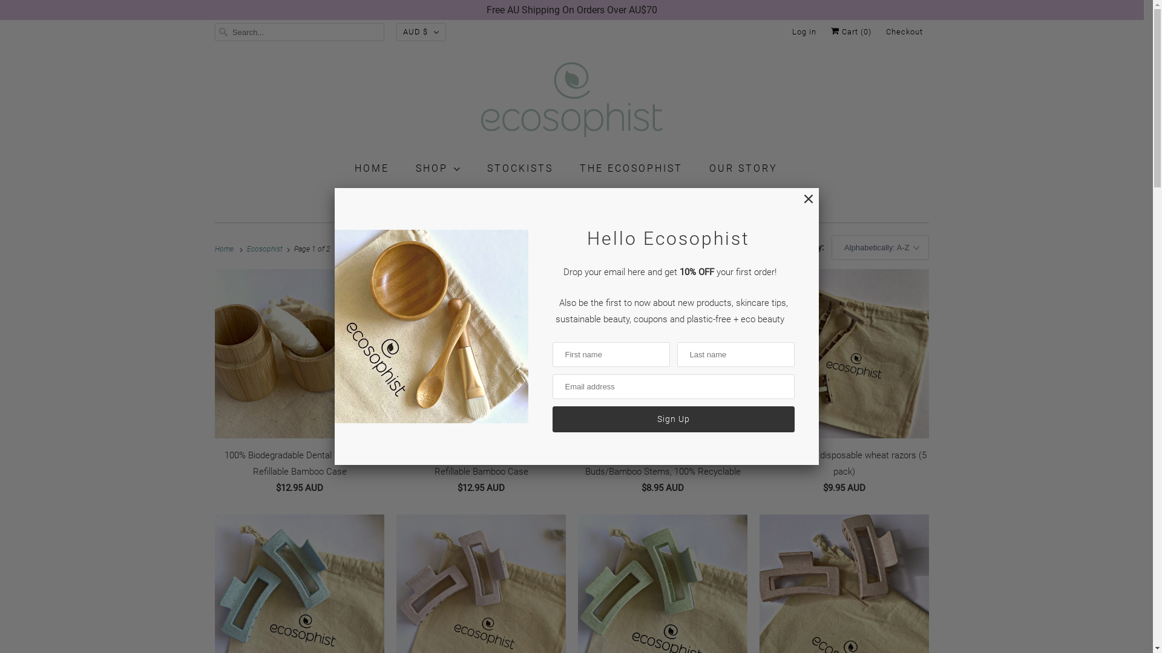 This screenshot has width=1162, height=653. I want to click on 'Biodegradable disposable wheat razors (5 pack), so click(844, 385).